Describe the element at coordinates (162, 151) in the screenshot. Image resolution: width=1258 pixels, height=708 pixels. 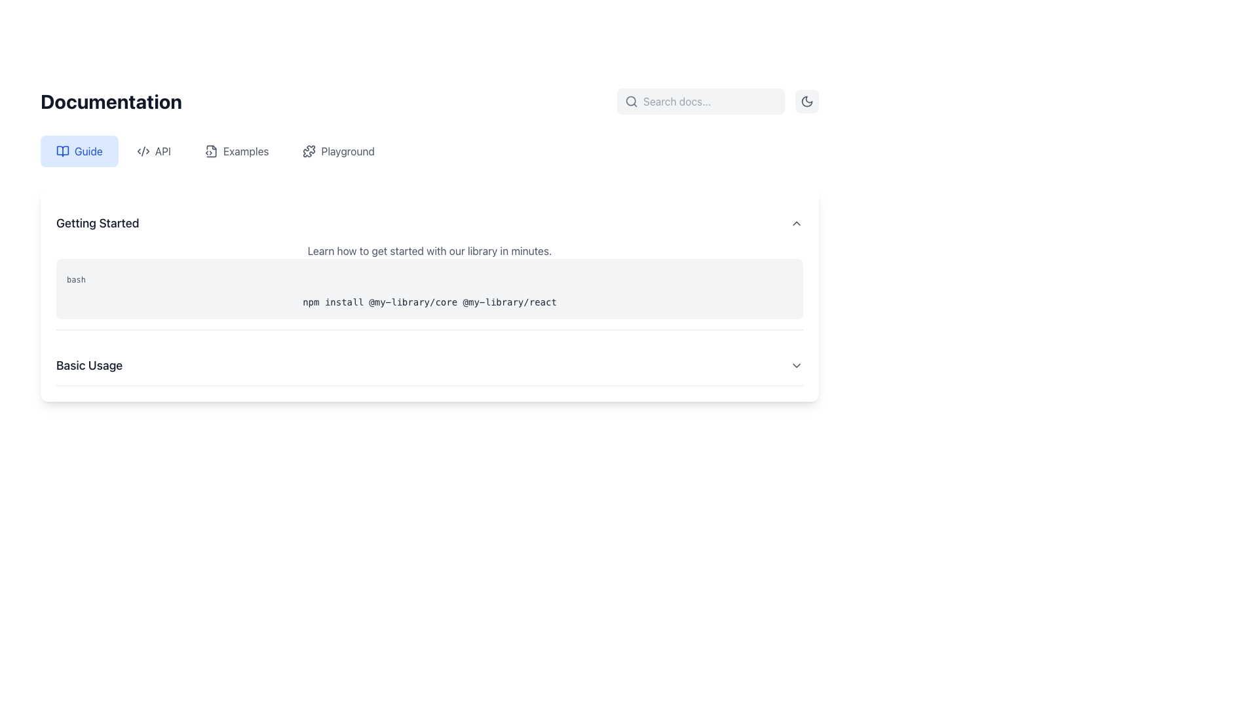
I see `the 'API' text label located in the navigation cluster` at that location.